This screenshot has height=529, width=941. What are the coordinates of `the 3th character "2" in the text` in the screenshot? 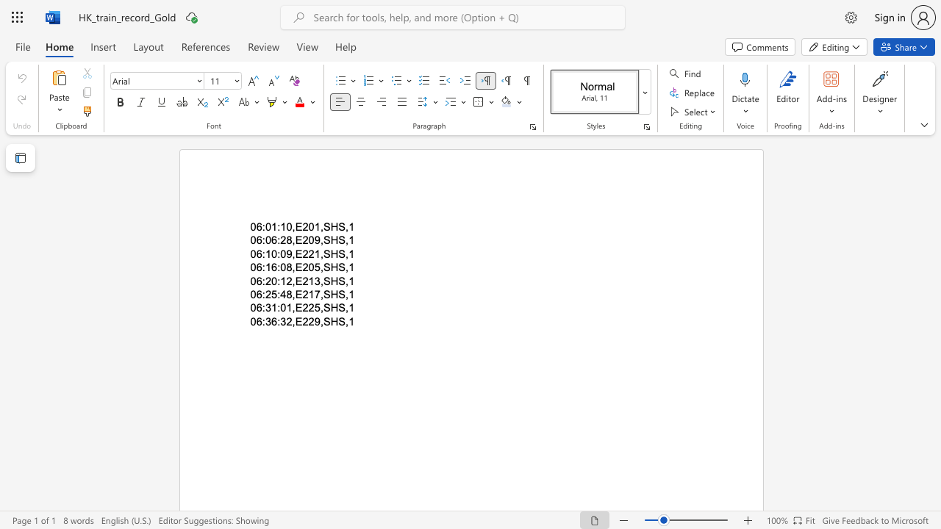 It's located at (310, 320).